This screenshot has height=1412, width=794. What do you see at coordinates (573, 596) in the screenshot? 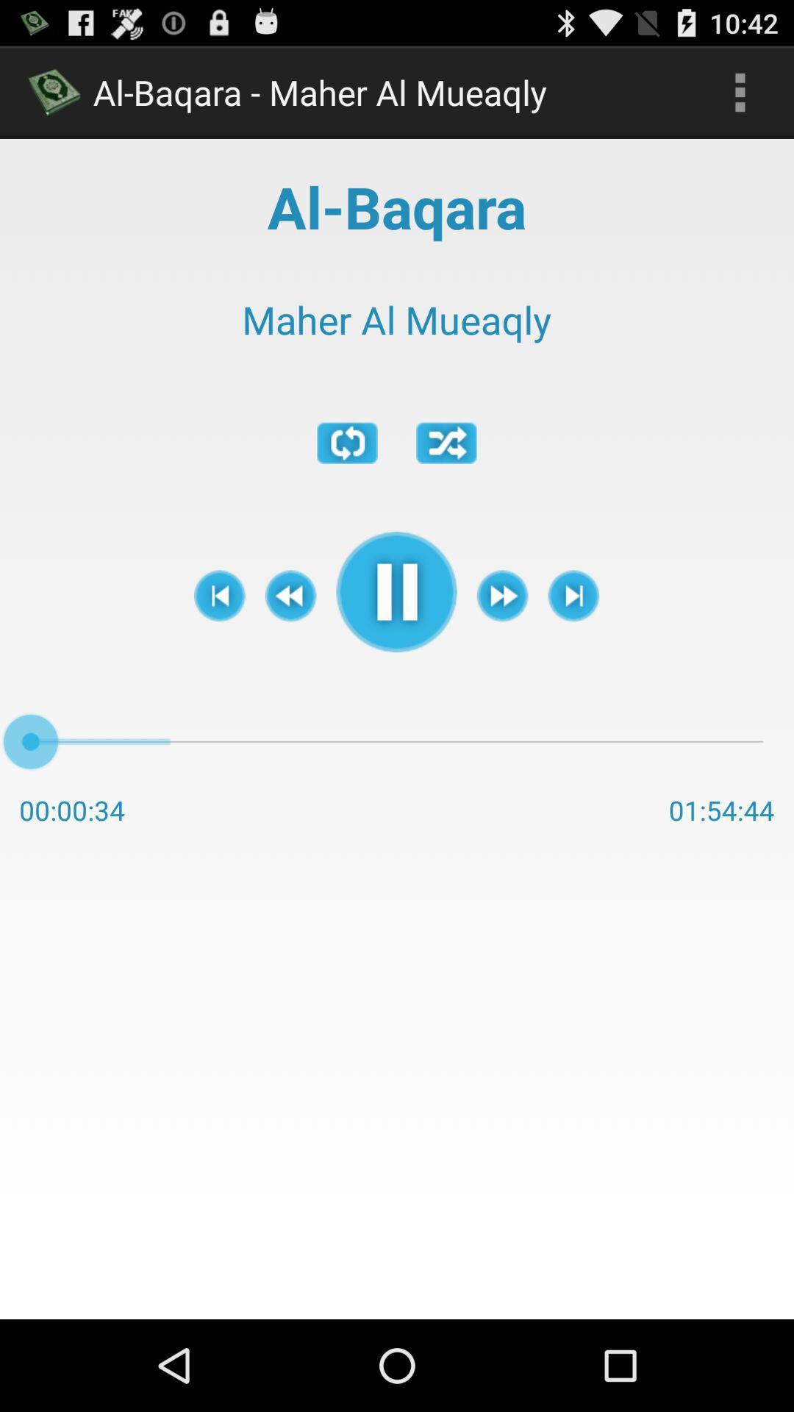
I see `item below maher al mueaqly item` at bounding box center [573, 596].